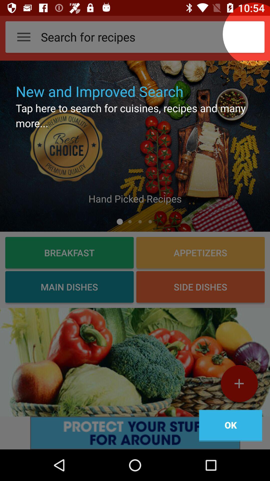 The image size is (270, 481). What do you see at coordinates (239, 385) in the screenshot?
I see `the add icon` at bounding box center [239, 385].